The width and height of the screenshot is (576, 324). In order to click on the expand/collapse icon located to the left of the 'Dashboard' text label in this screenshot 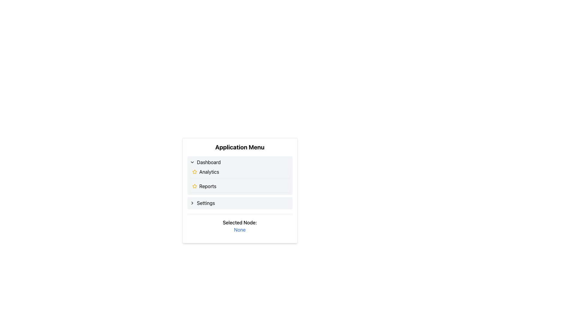, I will do `click(192, 162)`.